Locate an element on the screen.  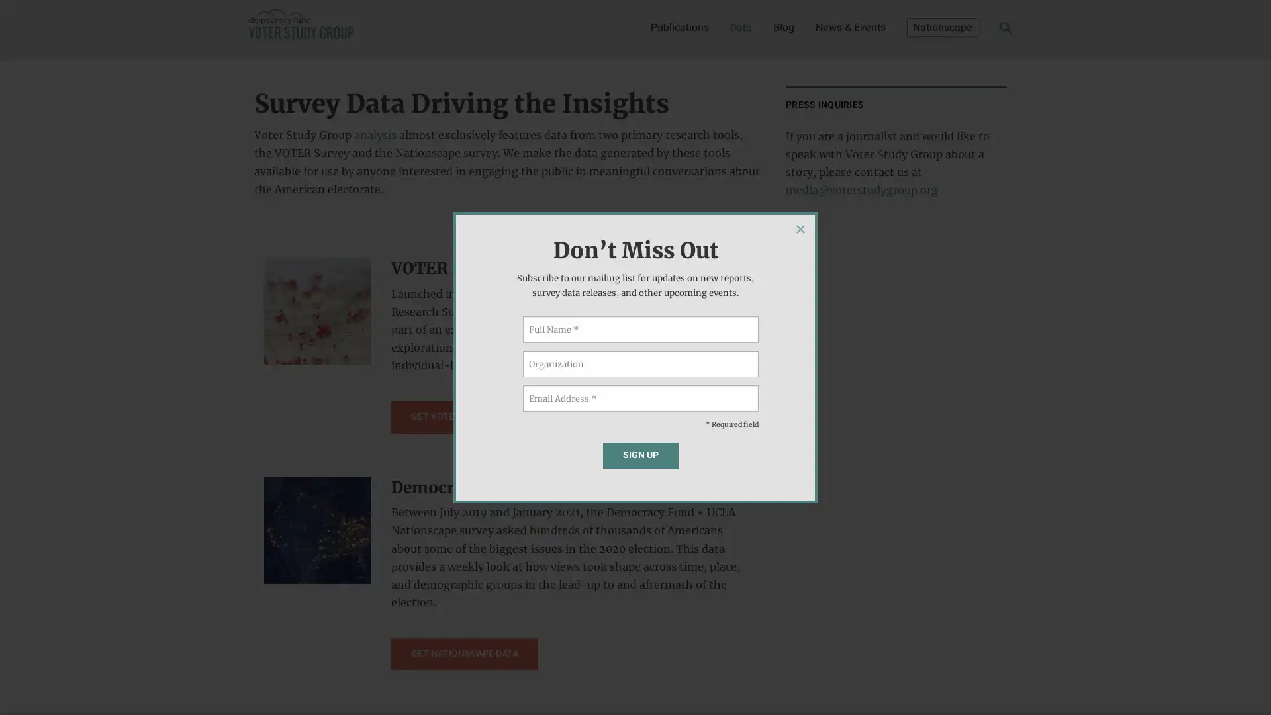
SIGN UP is located at coordinates (640, 454).